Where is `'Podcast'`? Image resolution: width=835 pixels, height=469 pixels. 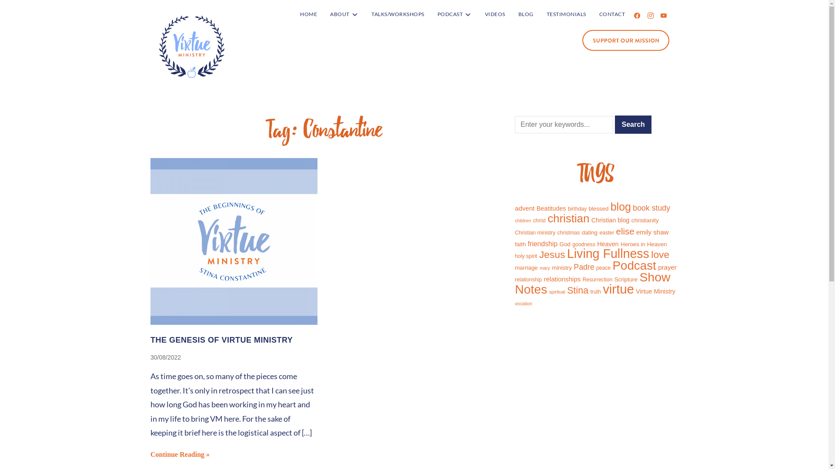
'Podcast' is located at coordinates (635, 265).